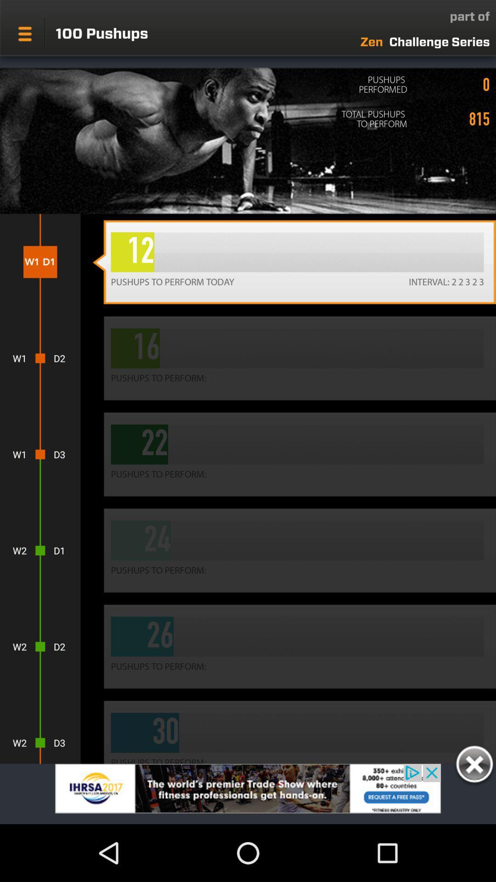 This screenshot has height=882, width=496. I want to click on between w1 and d3, so click(39, 454).